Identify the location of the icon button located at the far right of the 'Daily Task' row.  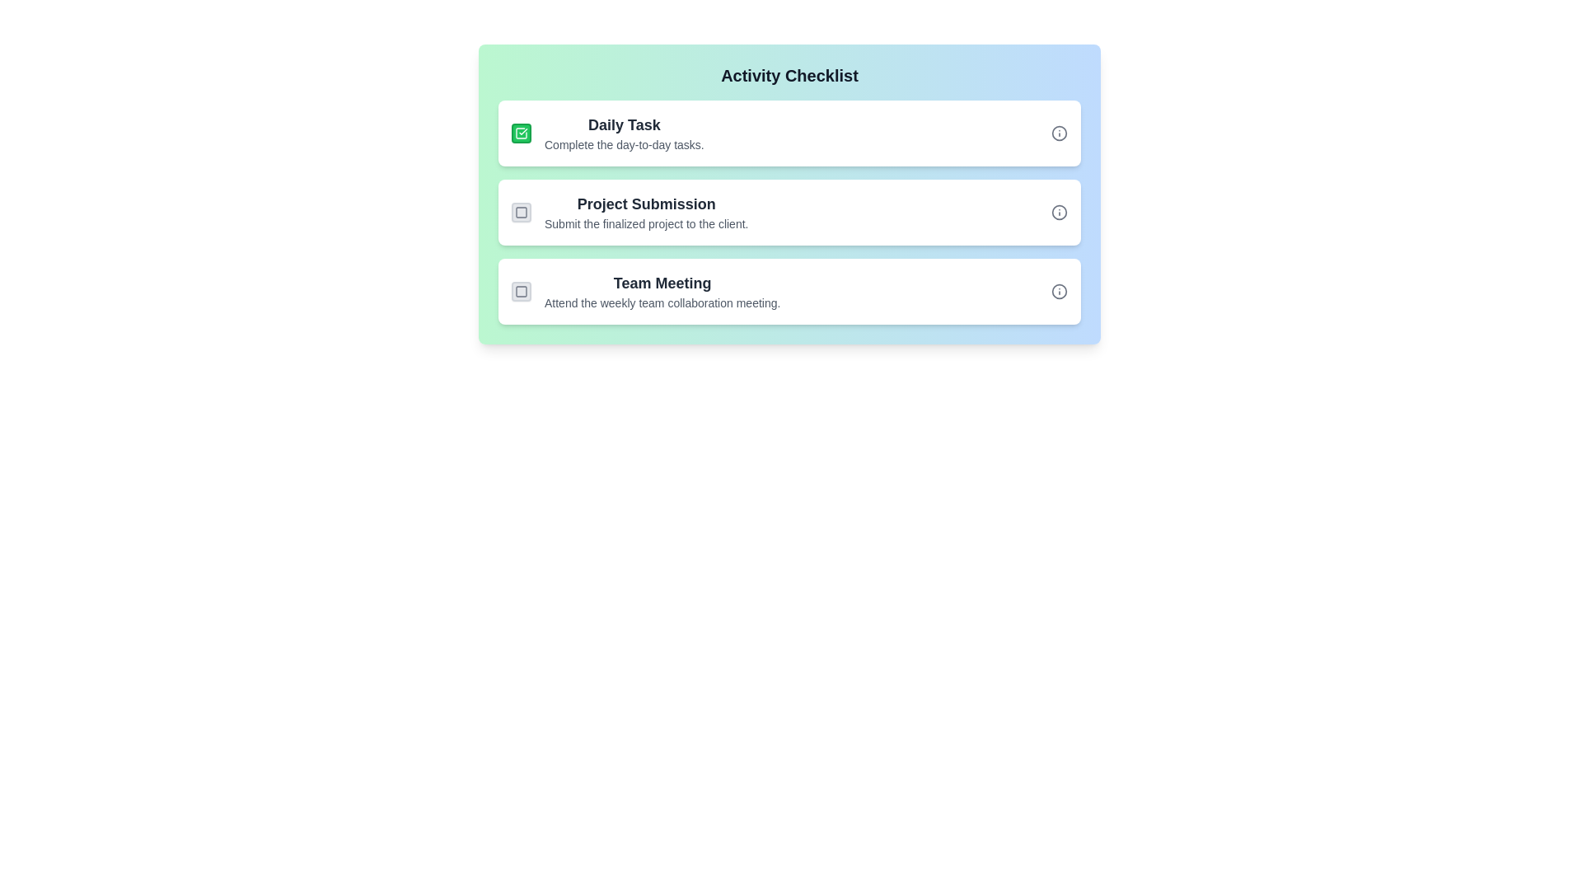
(1060, 133).